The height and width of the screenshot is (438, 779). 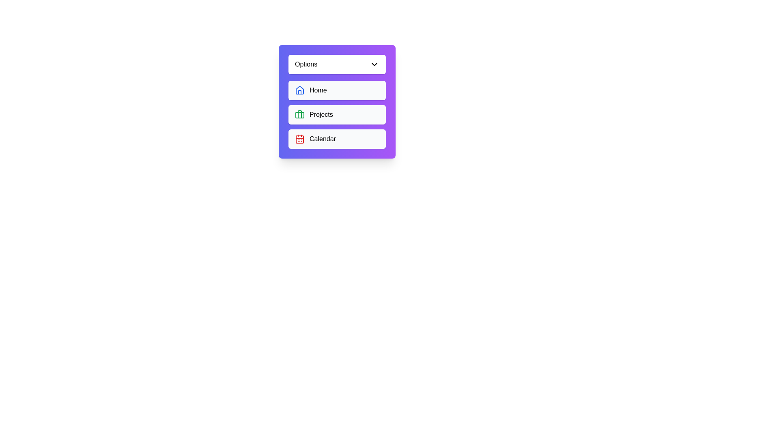 I want to click on the 'Projects' button to select it, so click(x=337, y=114).